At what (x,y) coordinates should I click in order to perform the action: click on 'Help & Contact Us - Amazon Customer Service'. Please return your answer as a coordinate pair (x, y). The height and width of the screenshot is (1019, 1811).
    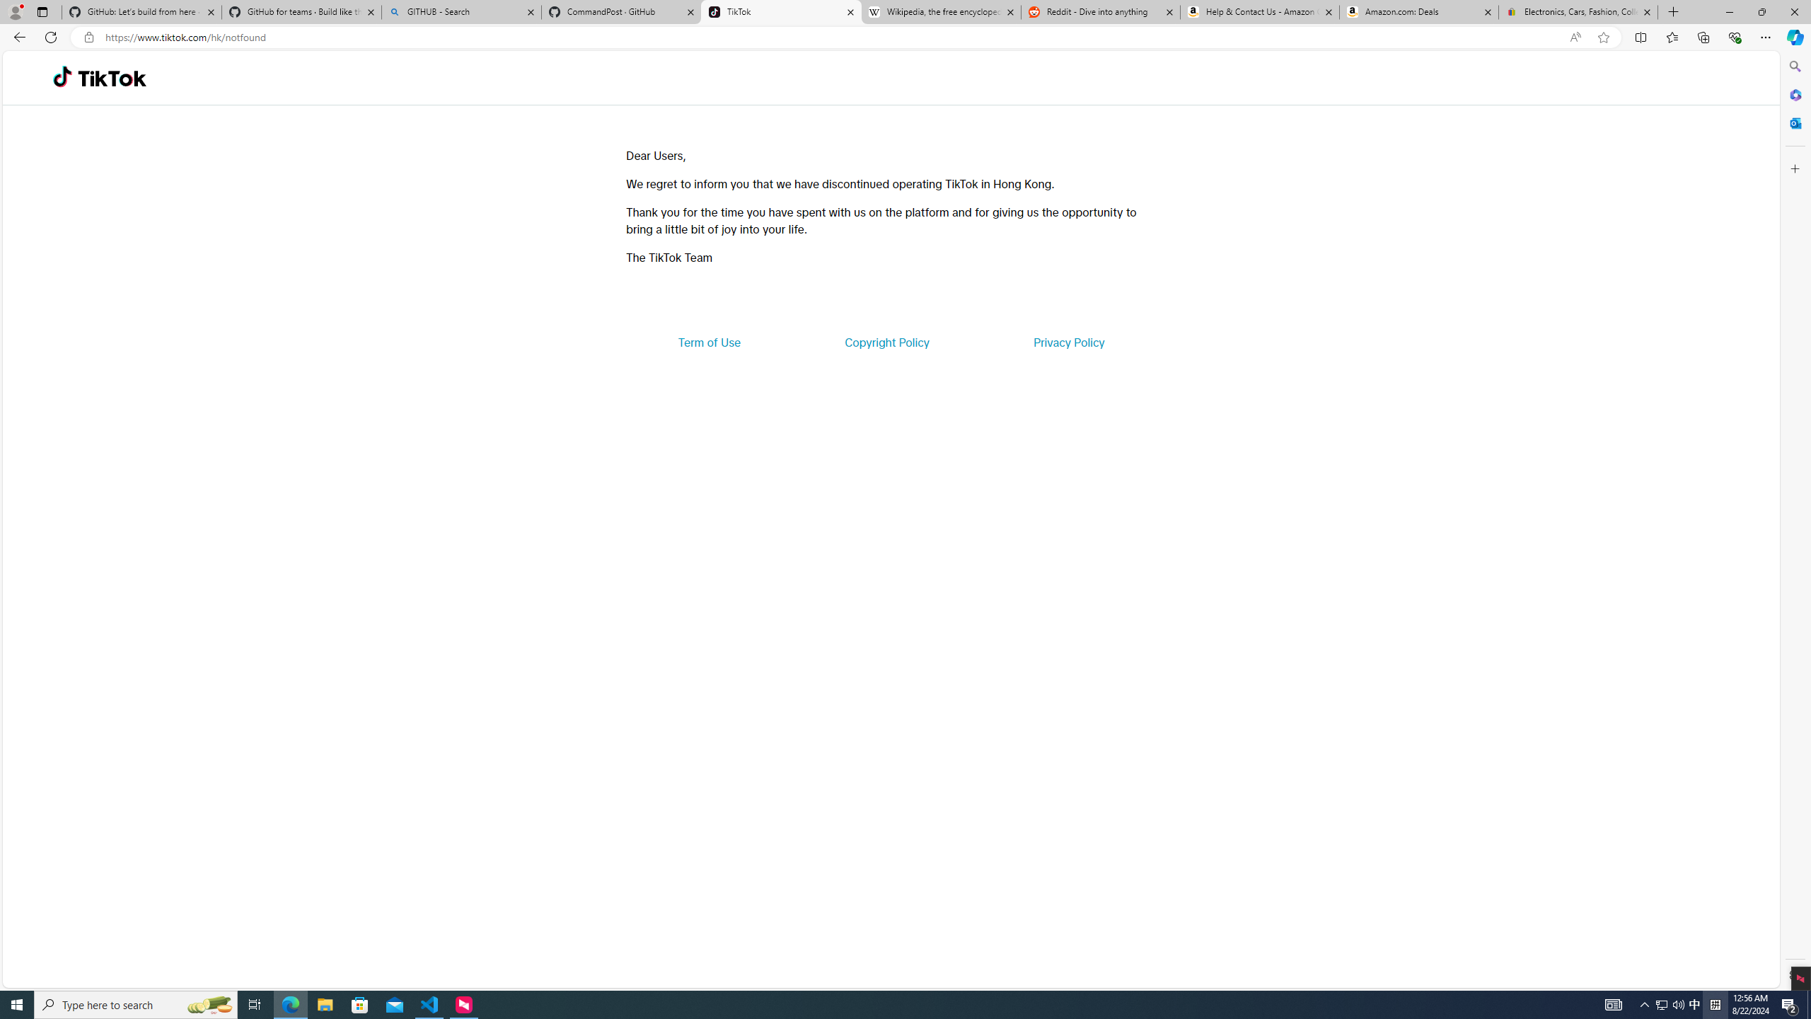
    Looking at the image, I should click on (1259, 11).